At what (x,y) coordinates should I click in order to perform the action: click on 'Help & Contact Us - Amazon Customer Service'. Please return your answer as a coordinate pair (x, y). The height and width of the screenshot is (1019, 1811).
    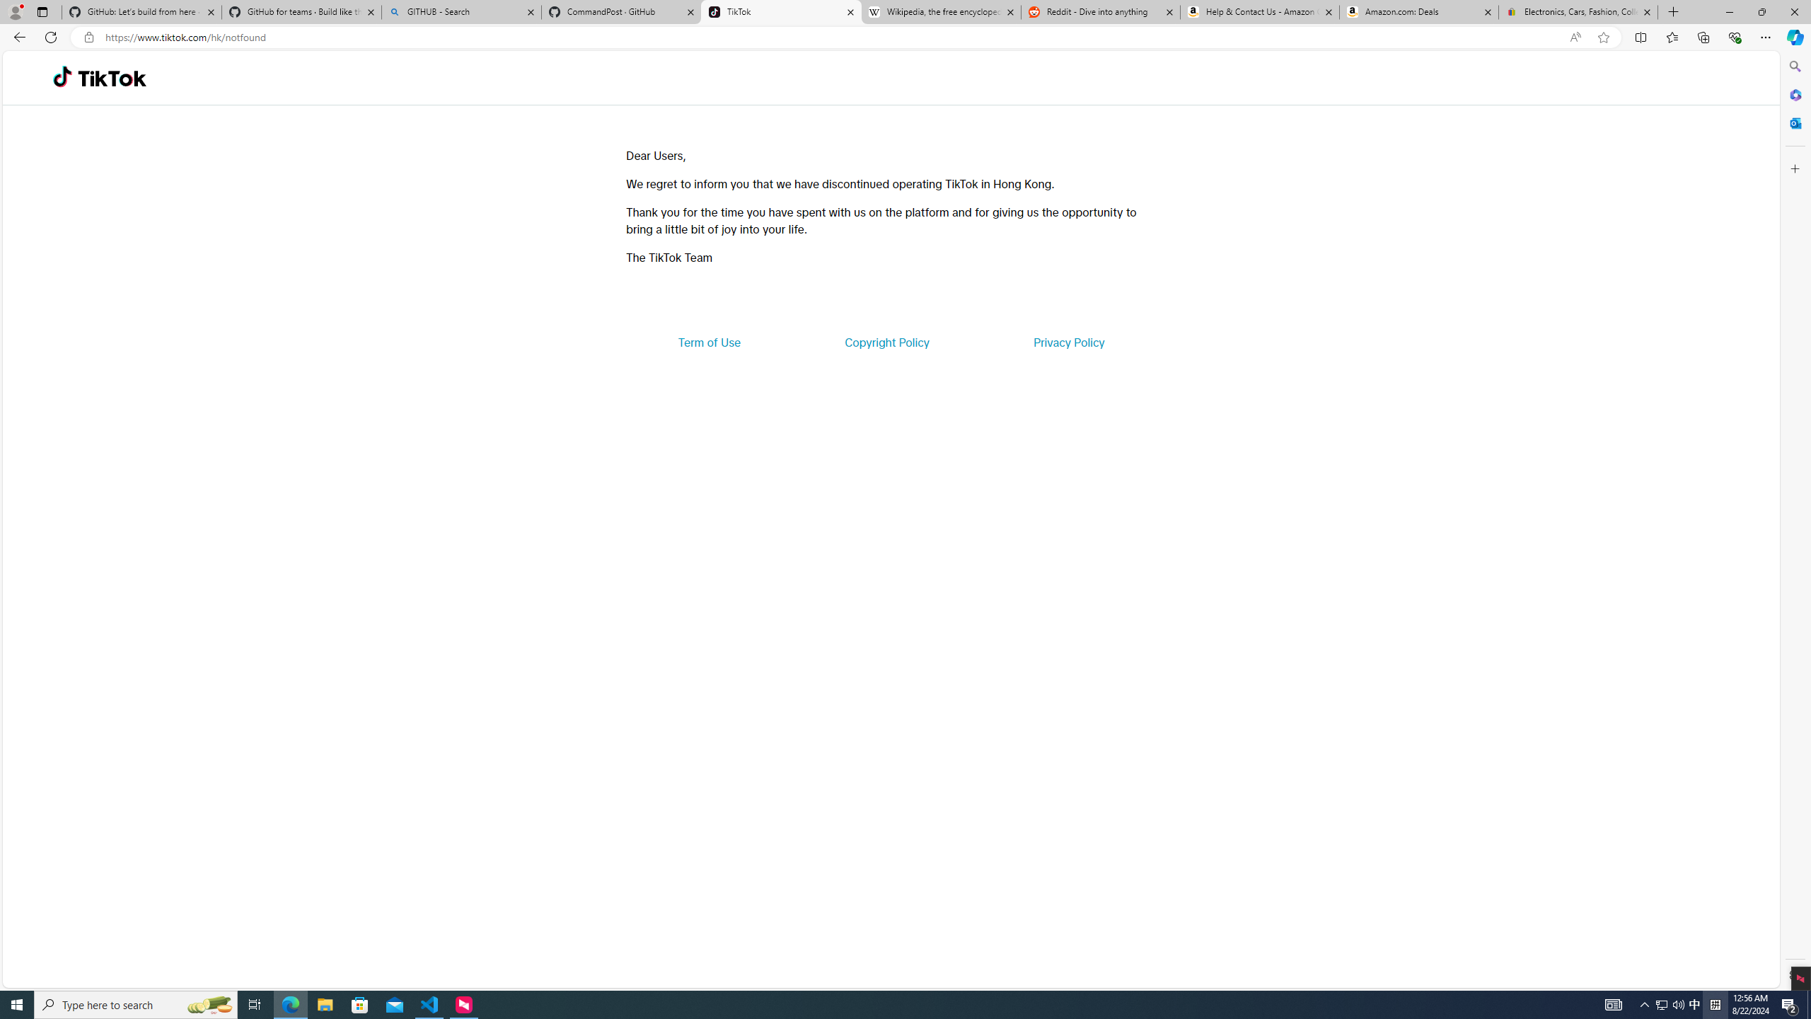
    Looking at the image, I should click on (1259, 11).